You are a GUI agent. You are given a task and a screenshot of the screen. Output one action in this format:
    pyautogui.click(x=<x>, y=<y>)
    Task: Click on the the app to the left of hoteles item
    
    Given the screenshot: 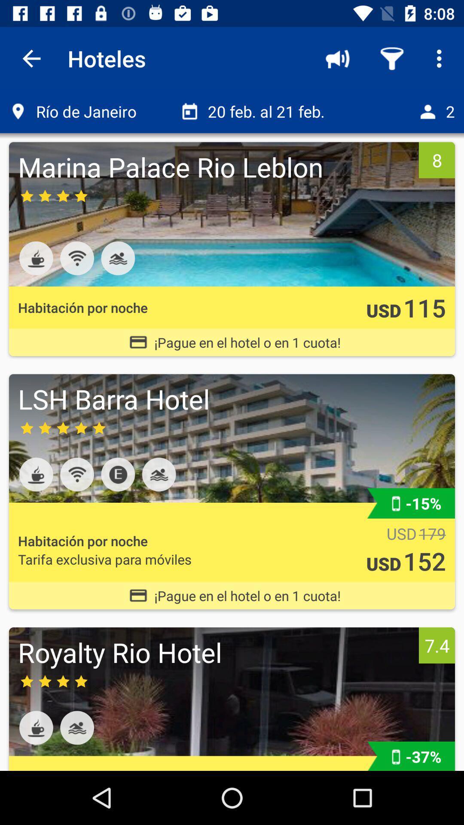 What is the action you would take?
    pyautogui.click(x=31, y=58)
    